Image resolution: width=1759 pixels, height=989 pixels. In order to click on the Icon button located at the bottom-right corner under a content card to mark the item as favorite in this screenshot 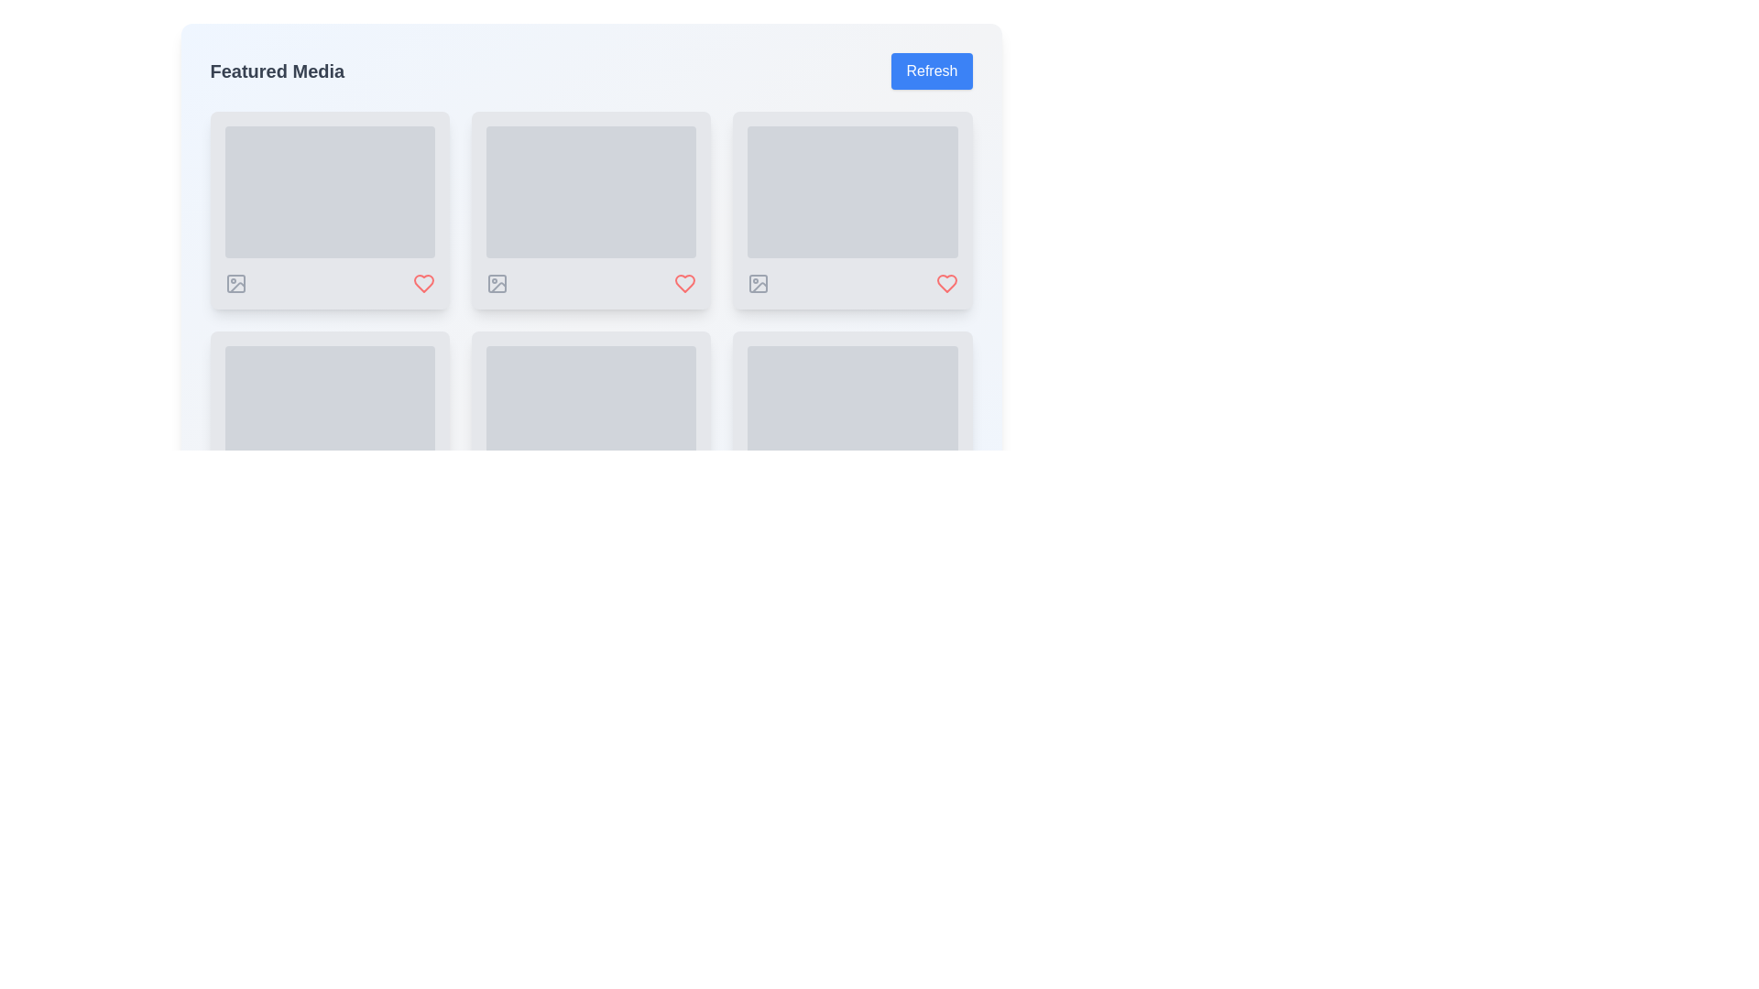, I will do `click(684, 283)`.